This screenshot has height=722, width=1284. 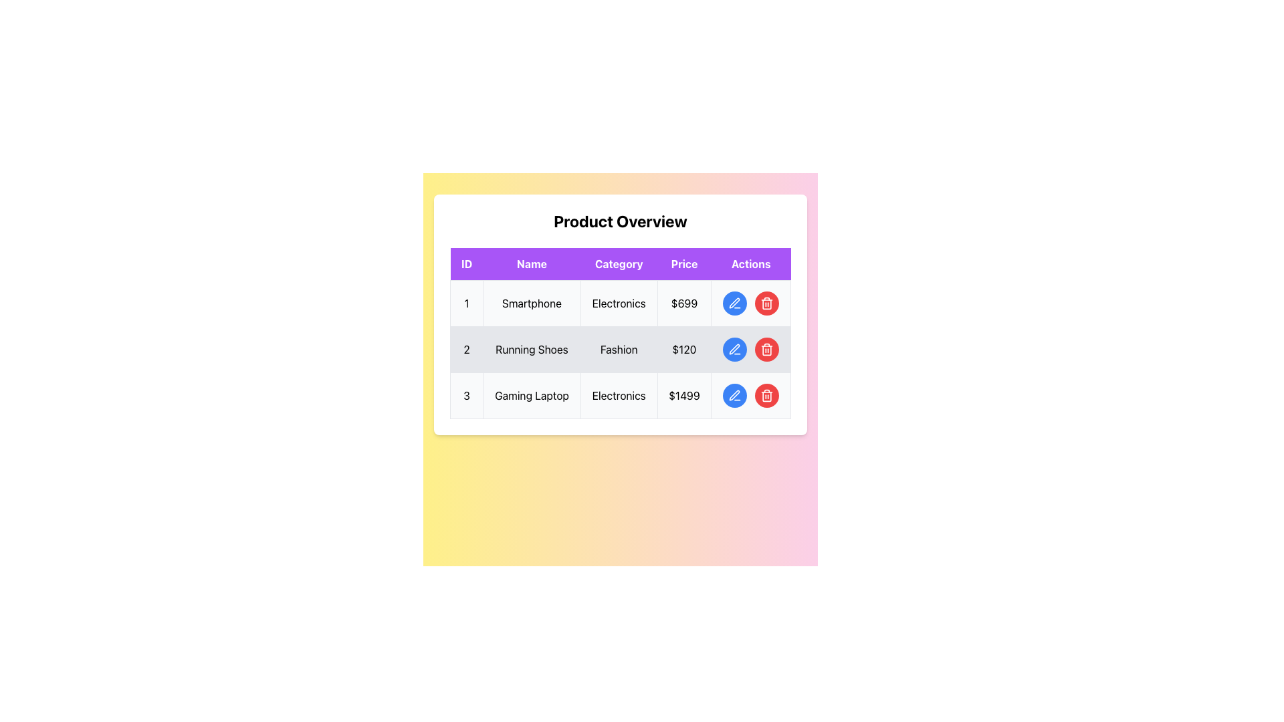 What do you see at coordinates (734, 349) in the screenshot?
I see `the 'Edit' button in the 'Actions' column of the second row of the table` at bounding box center [734, 349].